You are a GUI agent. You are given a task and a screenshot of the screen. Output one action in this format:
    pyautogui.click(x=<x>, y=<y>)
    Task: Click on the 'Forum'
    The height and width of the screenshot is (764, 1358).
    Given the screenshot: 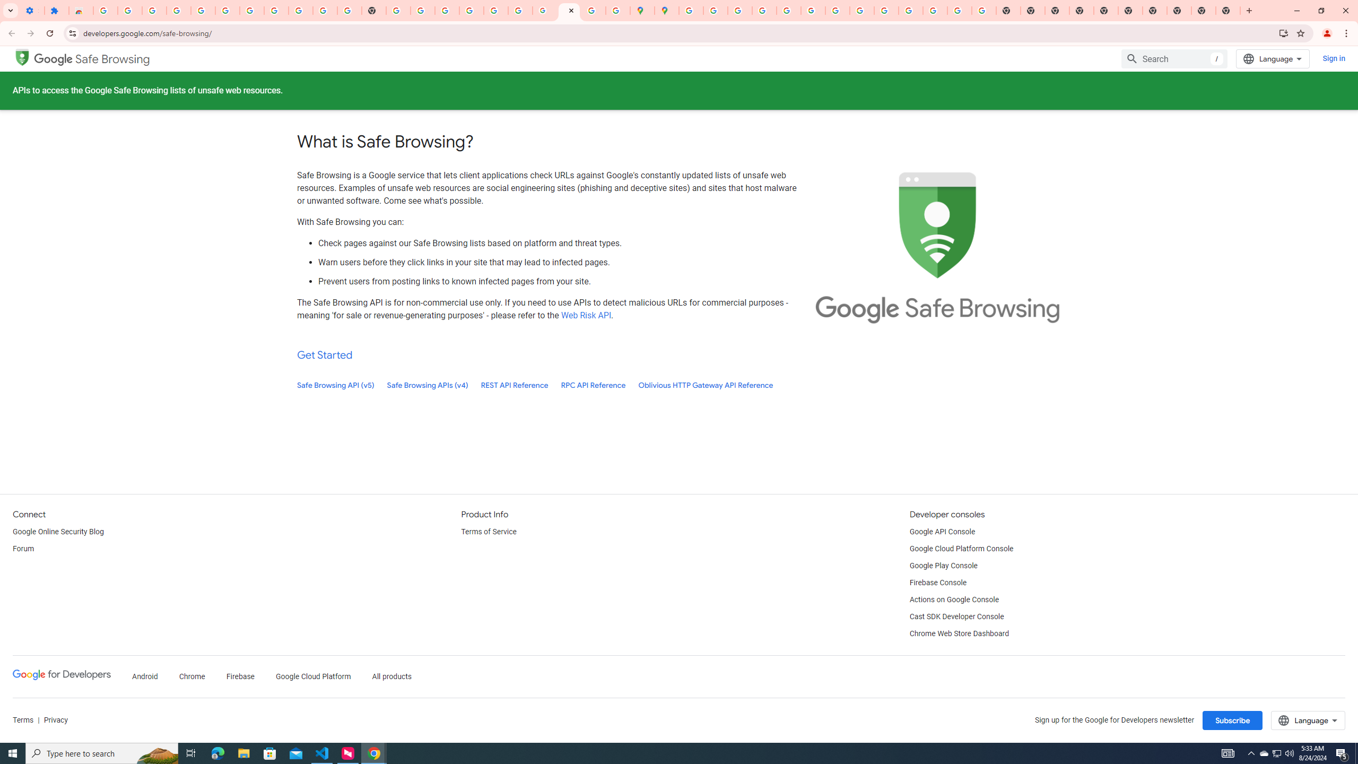 What is the action you would take?
    pyautogui.click(x=22, y=549)
    